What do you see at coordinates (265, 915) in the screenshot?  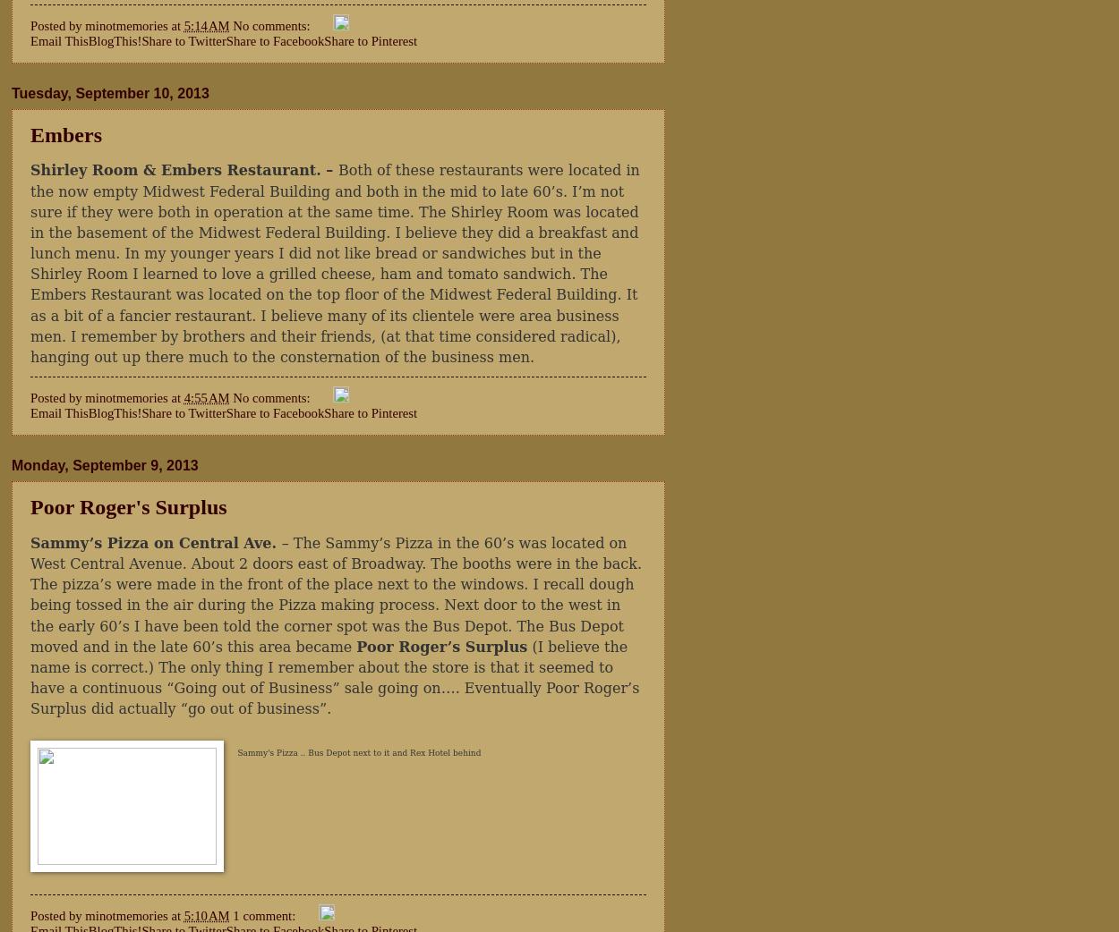 I see `'1 comment:'` at bounding box center [265, 915].